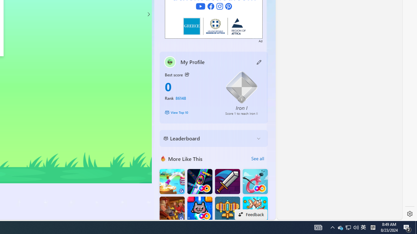  Describe the element at coordinates (227, 181) in the screenshot. I see `'Dungeon Master Knight'` at that location.